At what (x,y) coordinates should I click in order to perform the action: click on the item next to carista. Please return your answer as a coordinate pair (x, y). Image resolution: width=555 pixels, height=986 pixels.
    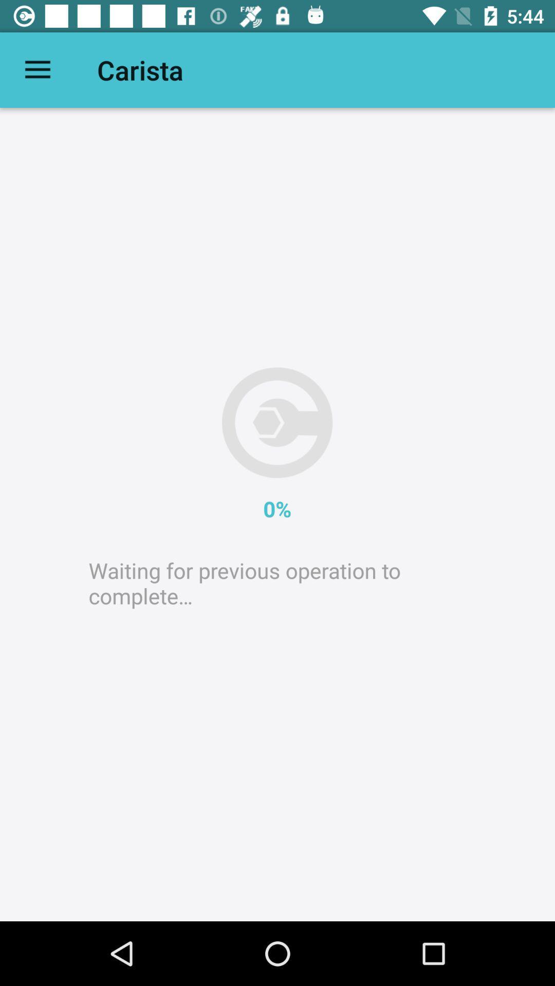
    Looking at the image, I should click on (37, 69).